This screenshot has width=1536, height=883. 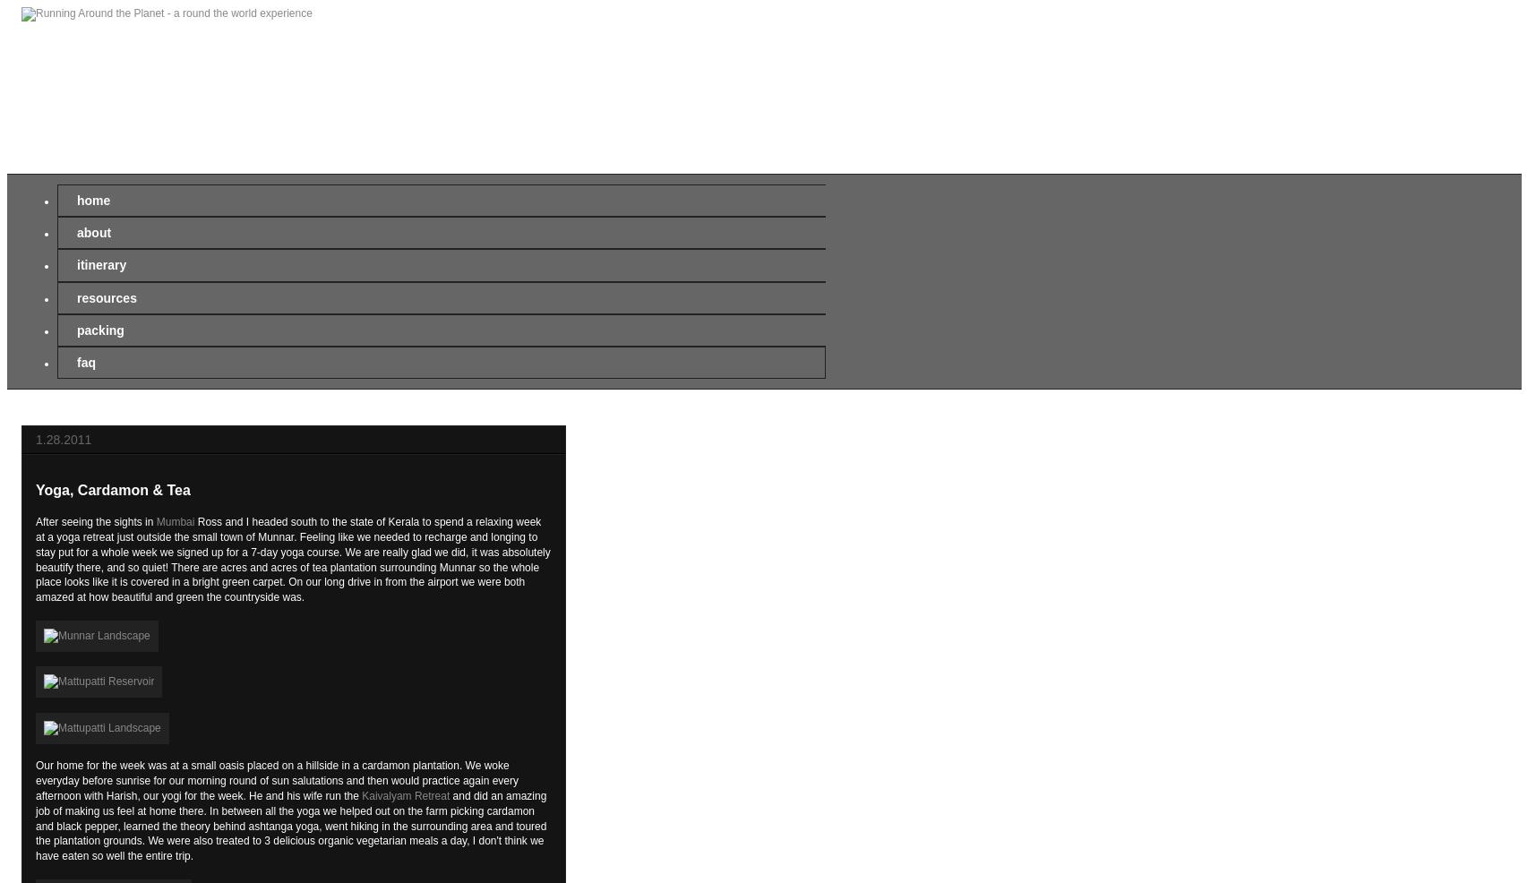 I want to click on 'resources', so click(x=106, y=296).